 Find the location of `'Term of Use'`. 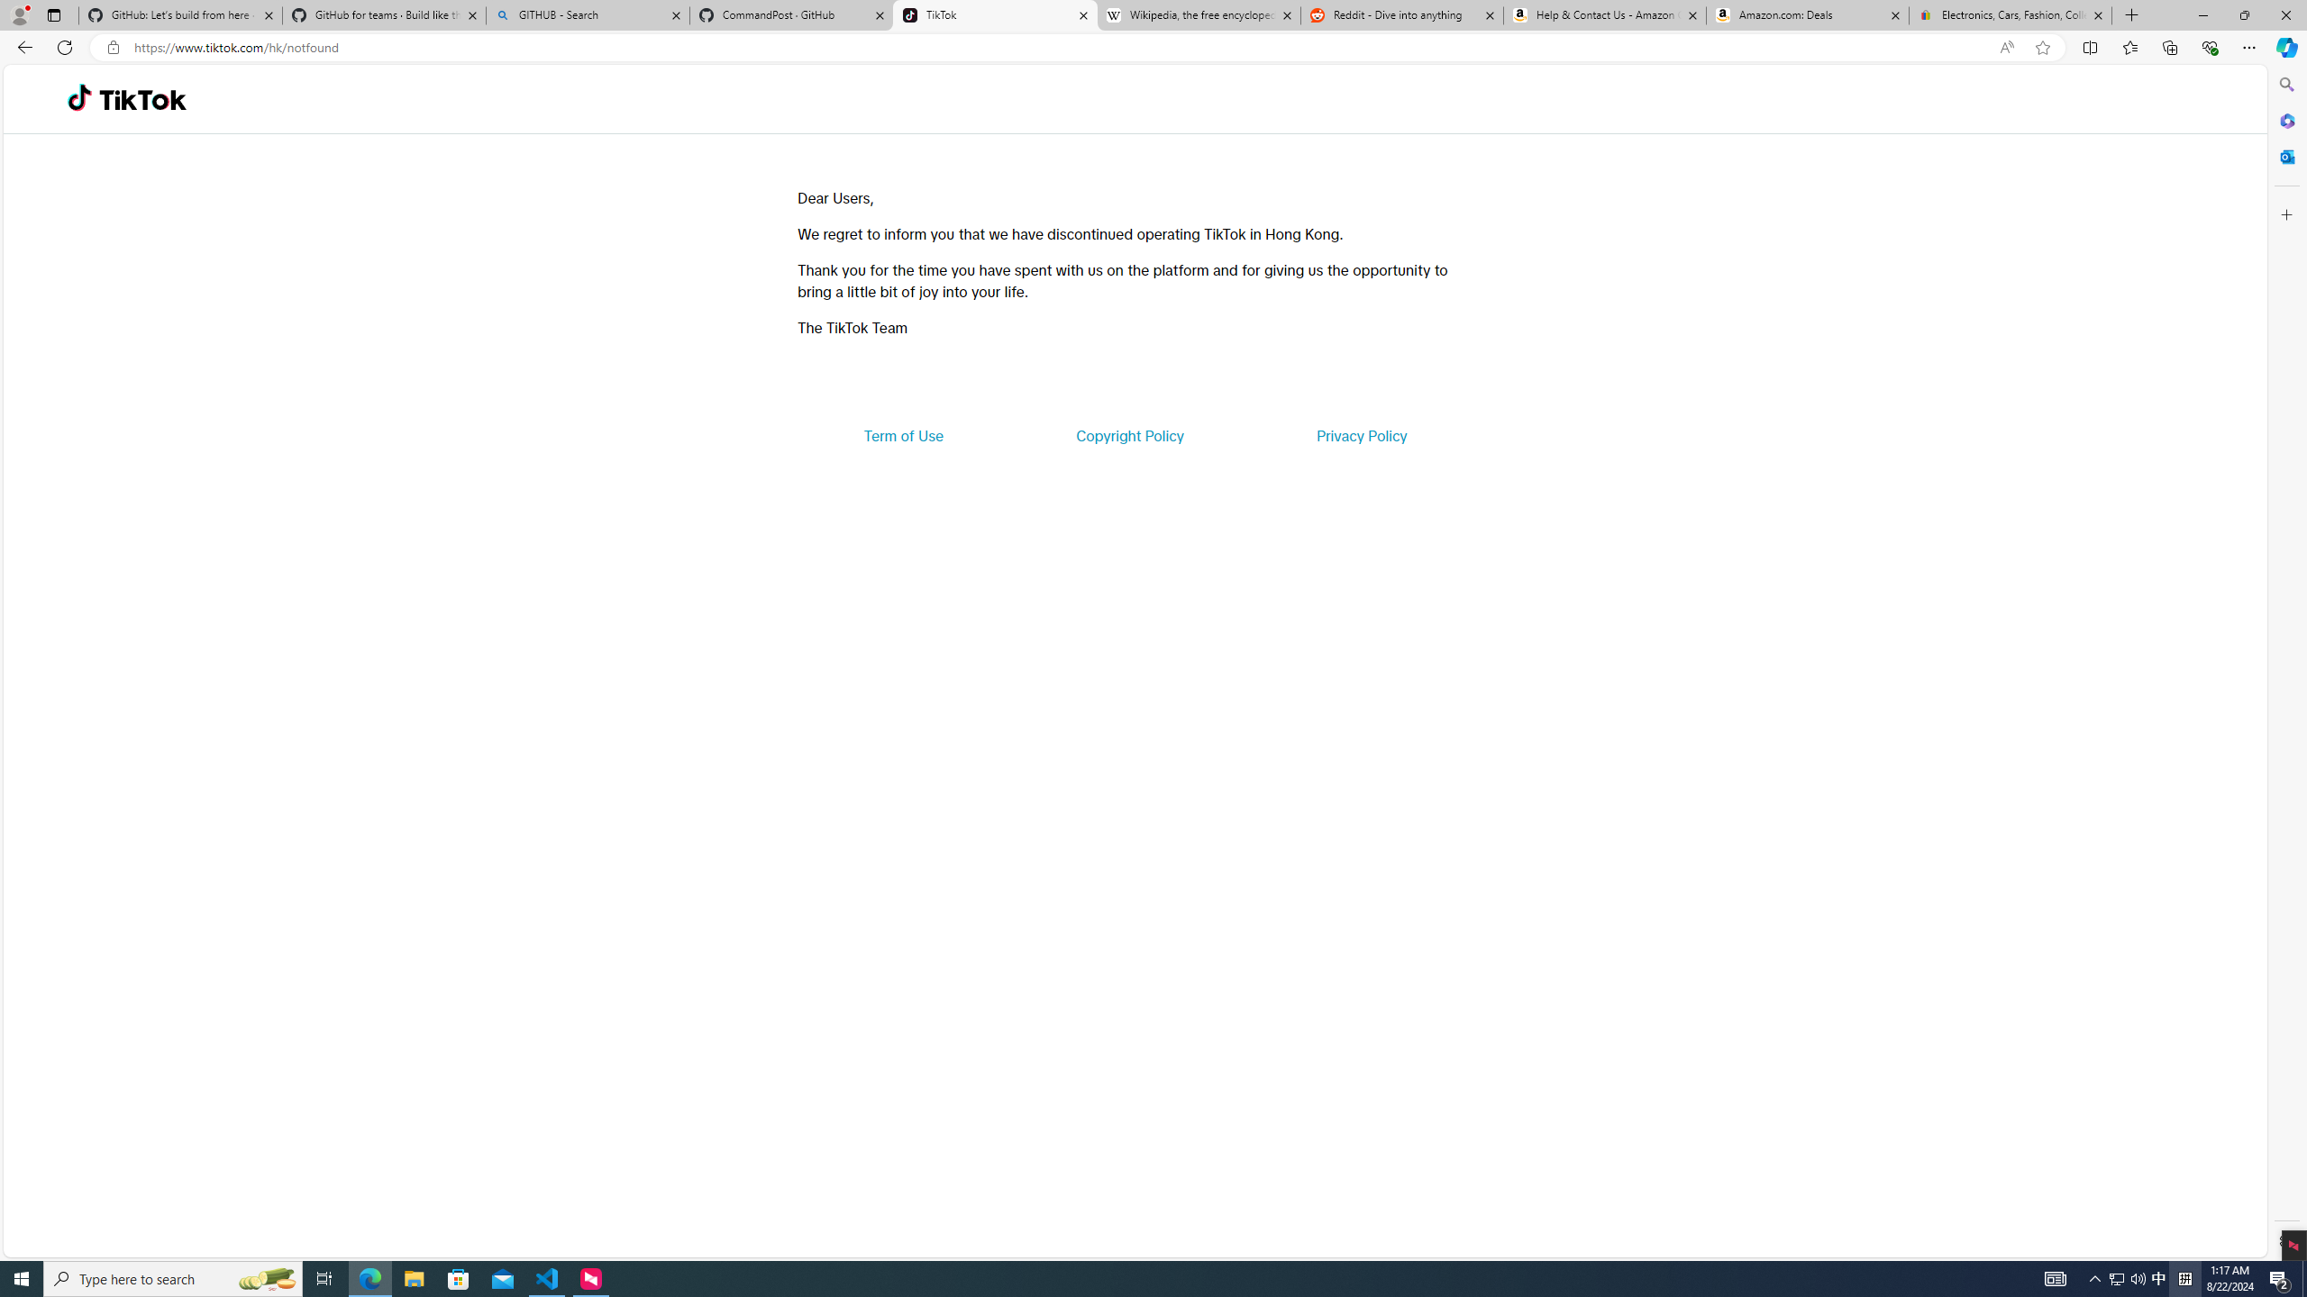

'Term of Use' is located at coordinates (903, 434).